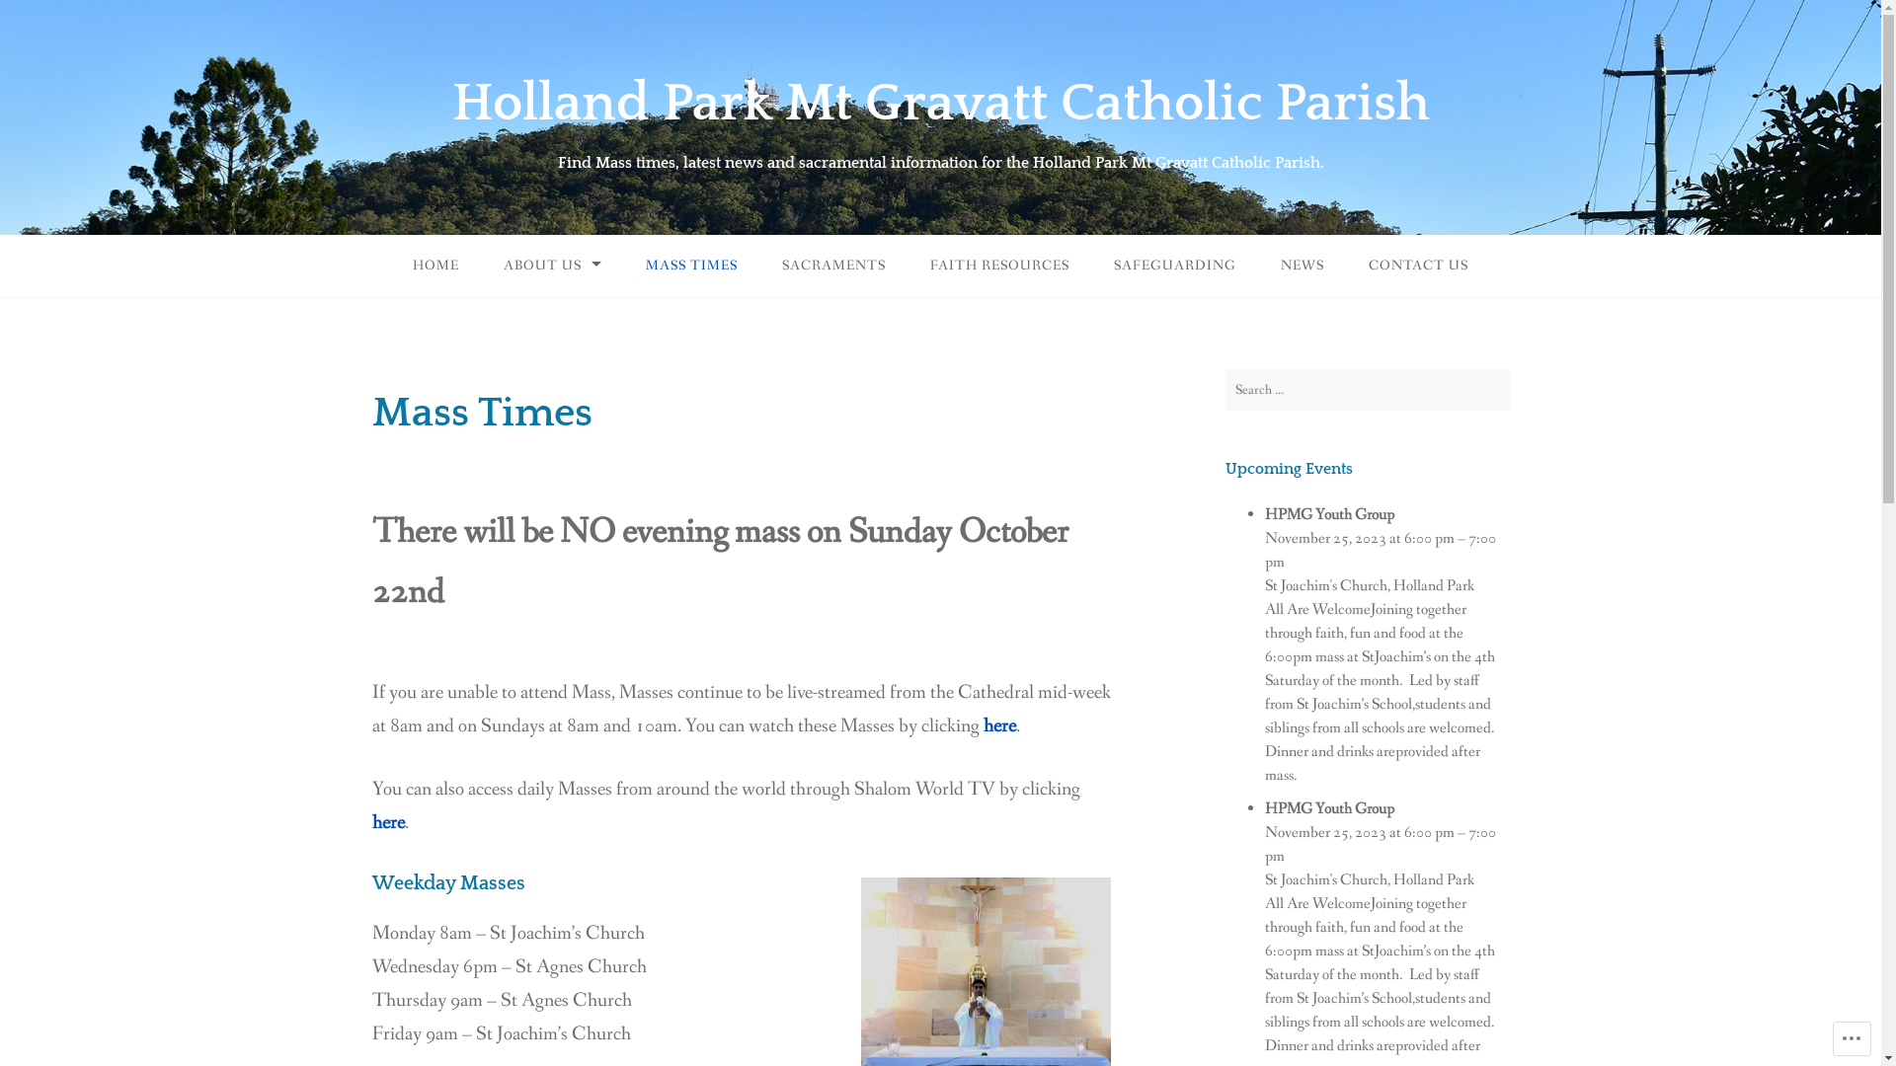 This screenshot has height=1066, width=1896. What do you see at coordinates (1175, 265) in the screenshot?
I see `'SAFEGUARDING'` at bounding box center [1175, 265].